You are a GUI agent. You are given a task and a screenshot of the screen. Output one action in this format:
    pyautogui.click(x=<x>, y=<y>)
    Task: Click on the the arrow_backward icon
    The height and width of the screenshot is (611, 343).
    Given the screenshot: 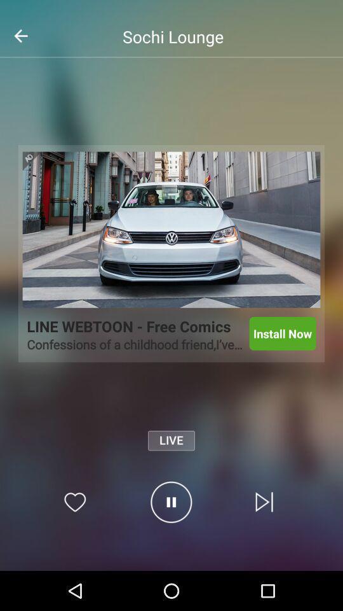 What is the action you would take?
    pyautogui.click(x=20, y=35)
    